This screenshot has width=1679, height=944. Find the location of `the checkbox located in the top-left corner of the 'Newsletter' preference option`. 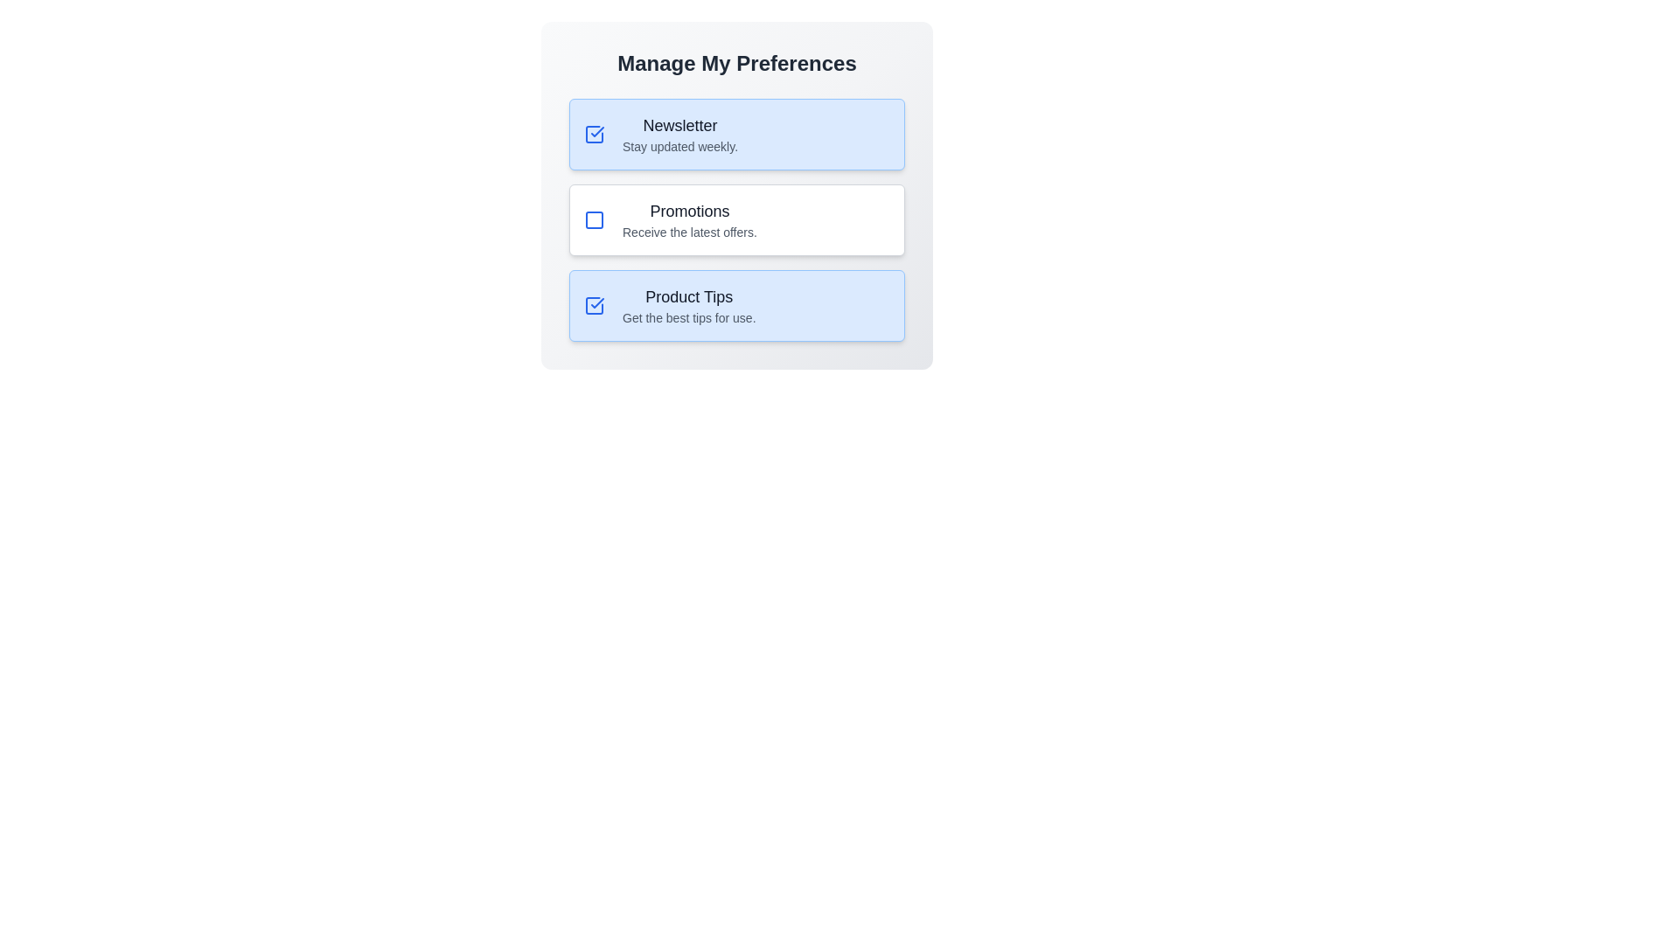

the checkbox located in the top-left corner of the 'Newsletter' preference option is located at coordinates (595, 134).